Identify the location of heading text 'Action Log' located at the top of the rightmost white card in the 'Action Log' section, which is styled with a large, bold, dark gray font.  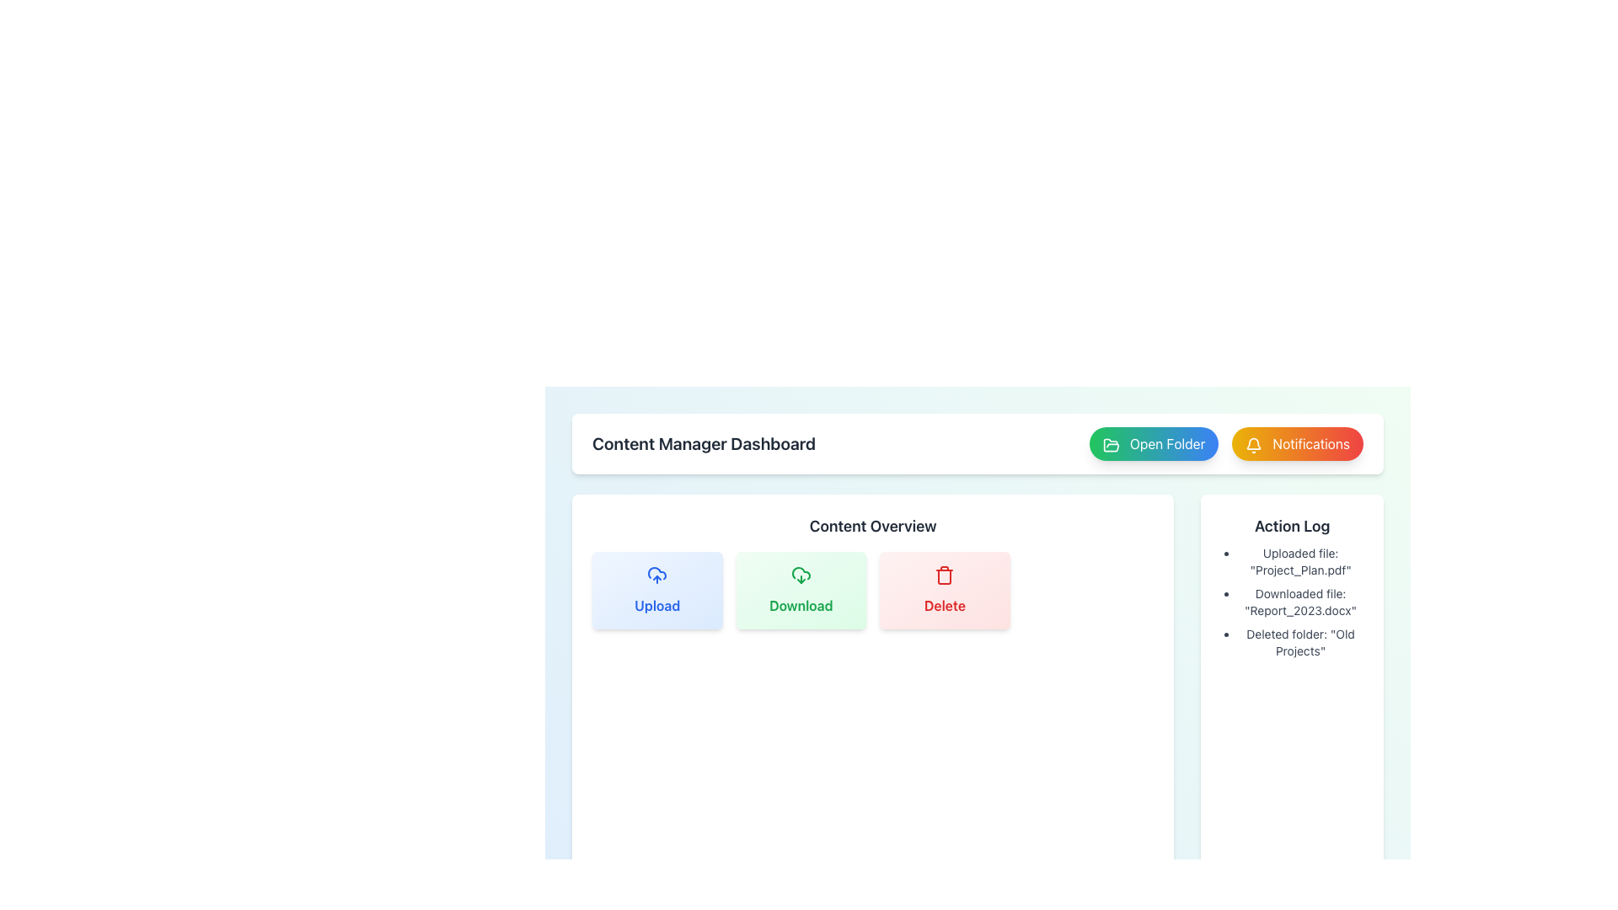
(1291, 525).